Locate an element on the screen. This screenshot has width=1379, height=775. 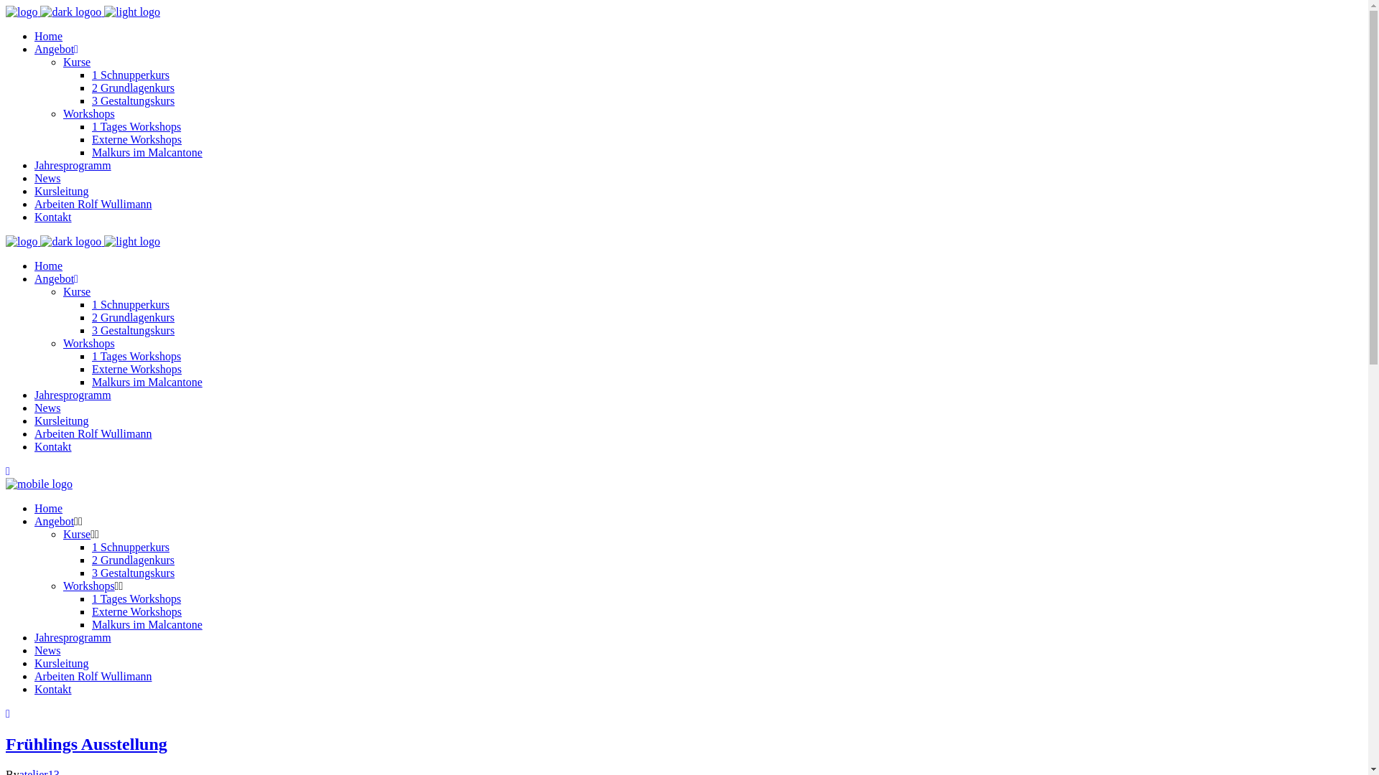
'Kursleitung' is located at coordinates (61, 663).